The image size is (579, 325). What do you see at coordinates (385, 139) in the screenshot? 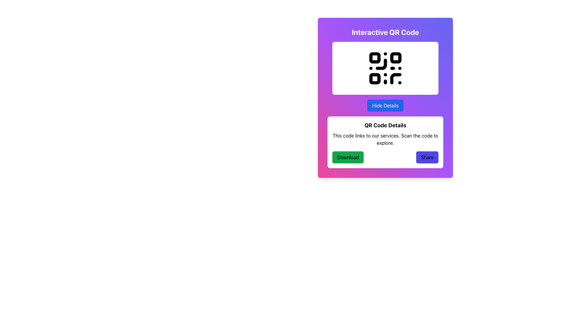
I see `the textual content block that says 'This code links to our services. Scan the code` at bounding box center [385, 139].